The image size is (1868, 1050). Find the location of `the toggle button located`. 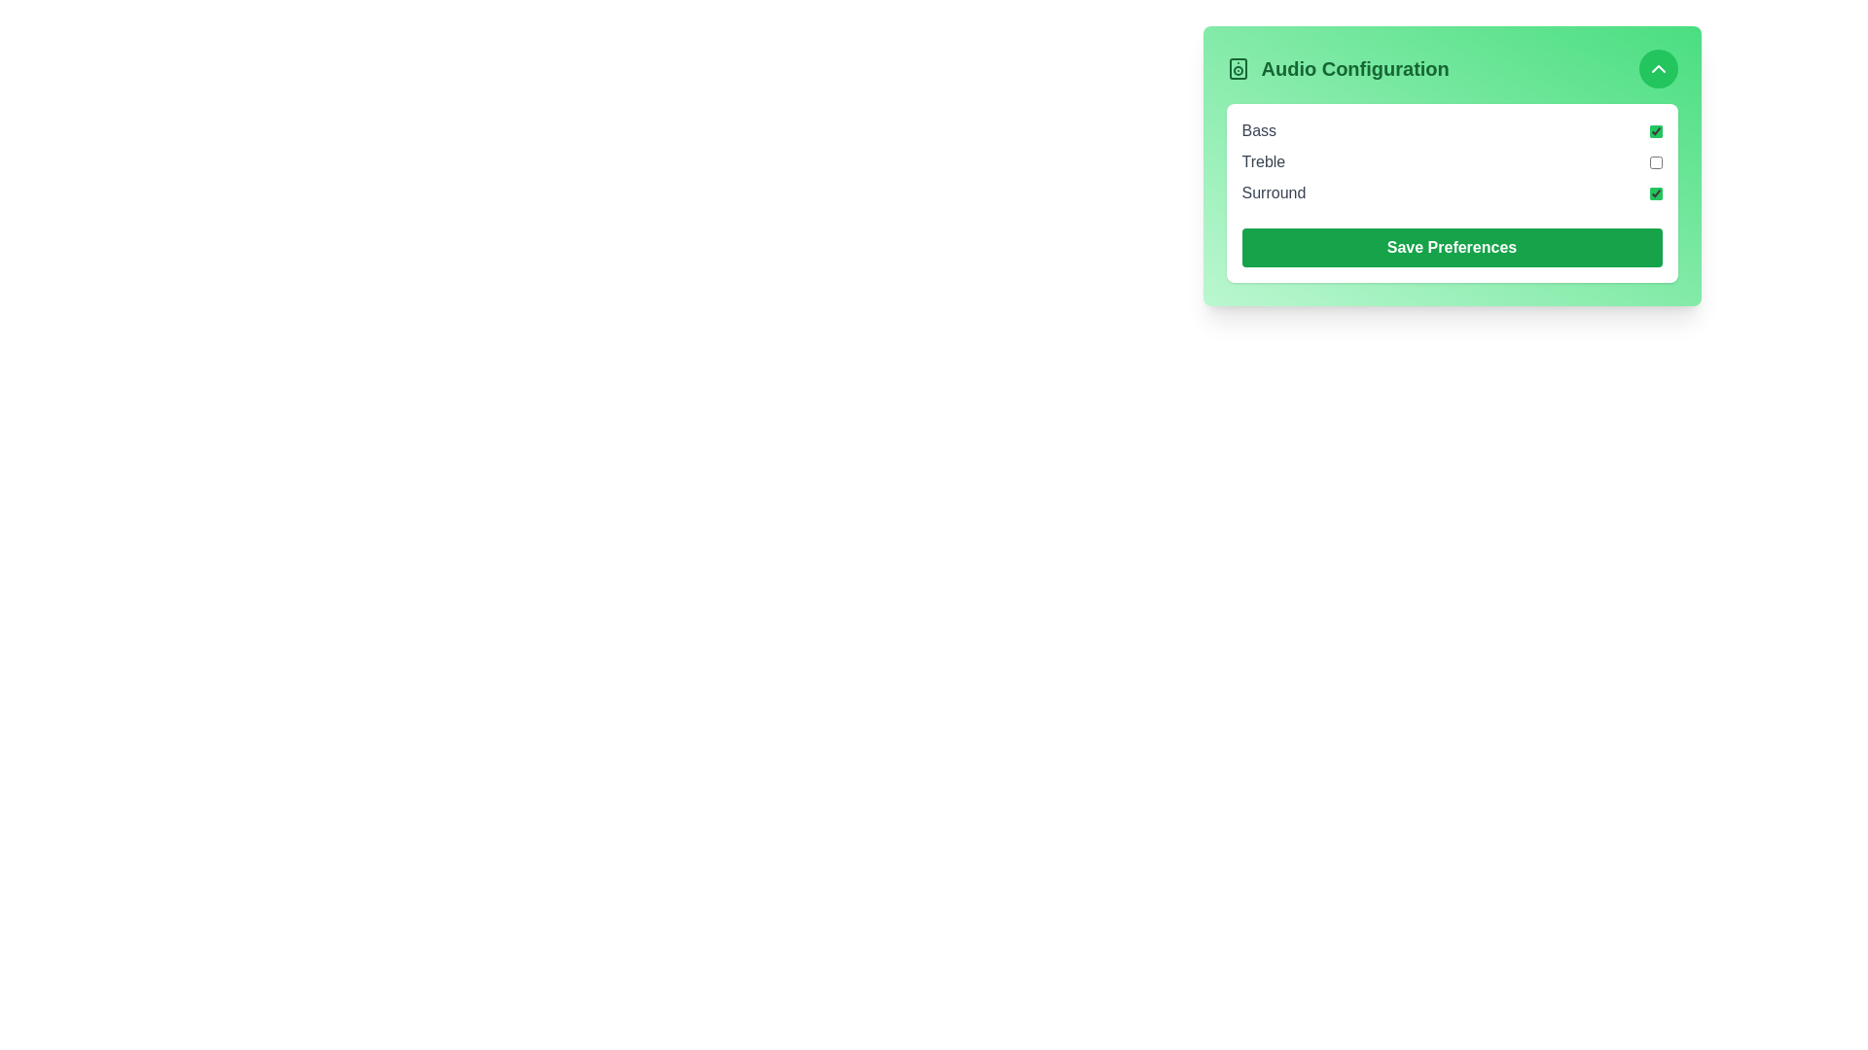

the toggle button located is located at coordinates (1657, 67).